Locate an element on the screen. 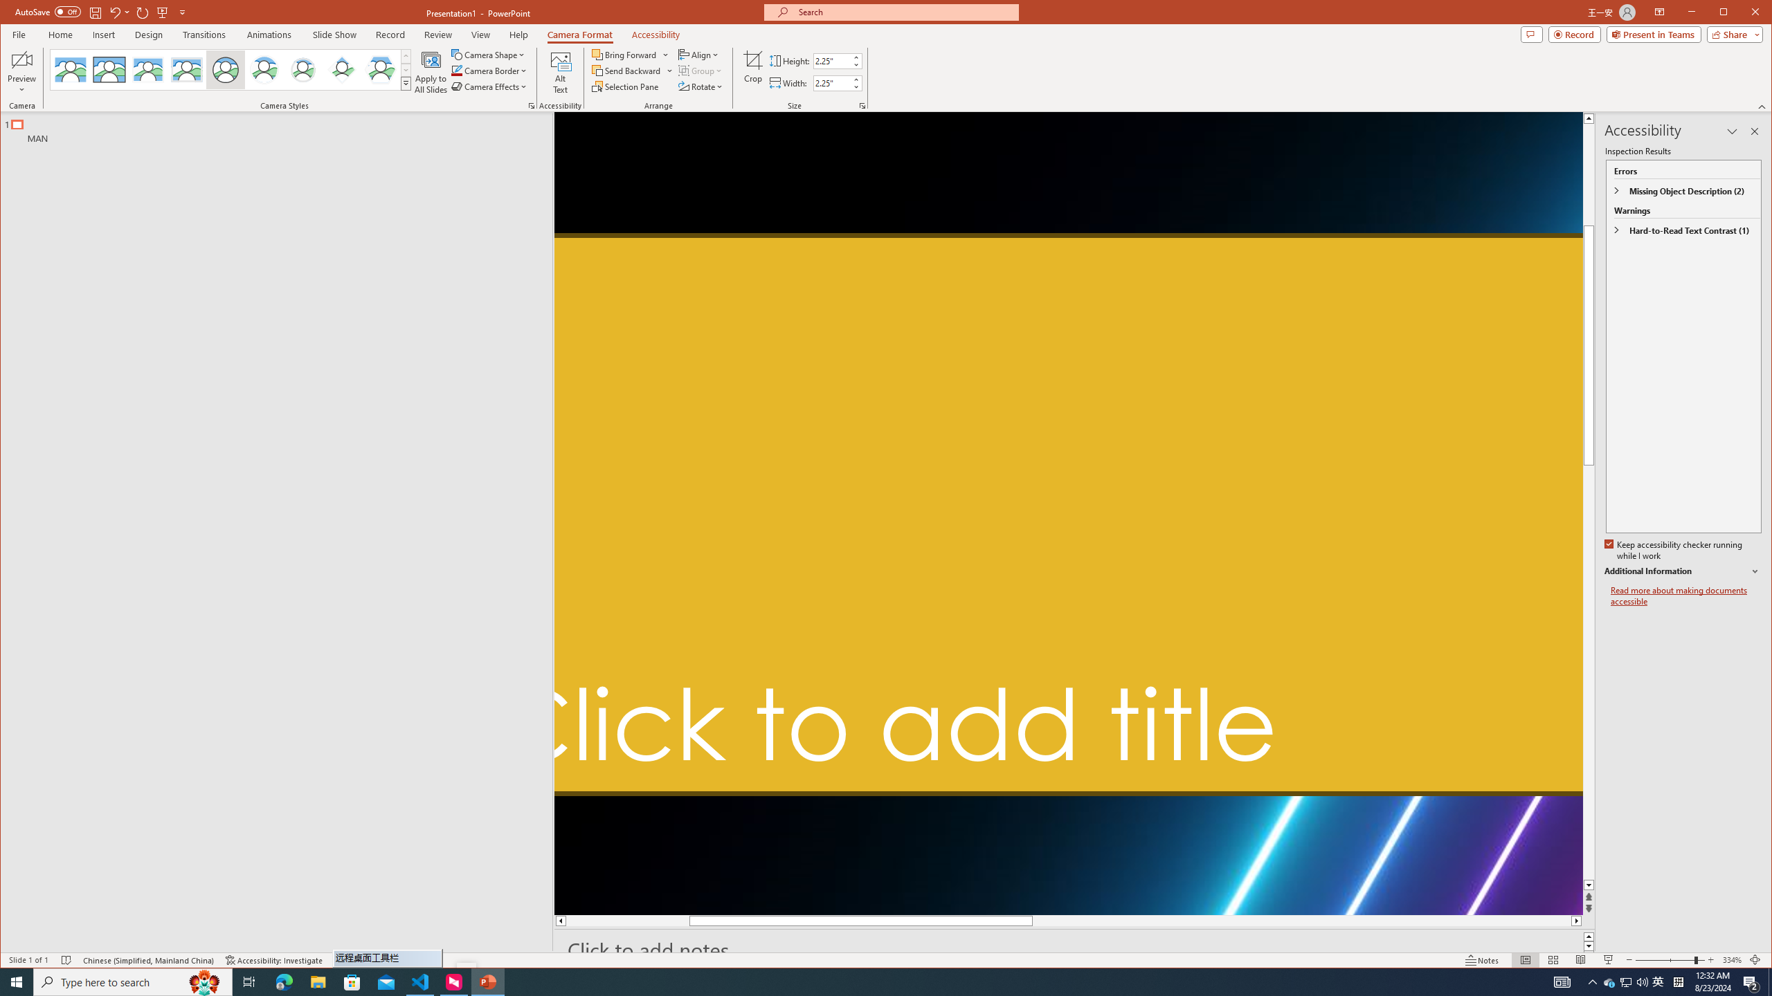 This screenshot has height=996, width=1772. 'Camera Shape' is located at coordinates (489, 54).